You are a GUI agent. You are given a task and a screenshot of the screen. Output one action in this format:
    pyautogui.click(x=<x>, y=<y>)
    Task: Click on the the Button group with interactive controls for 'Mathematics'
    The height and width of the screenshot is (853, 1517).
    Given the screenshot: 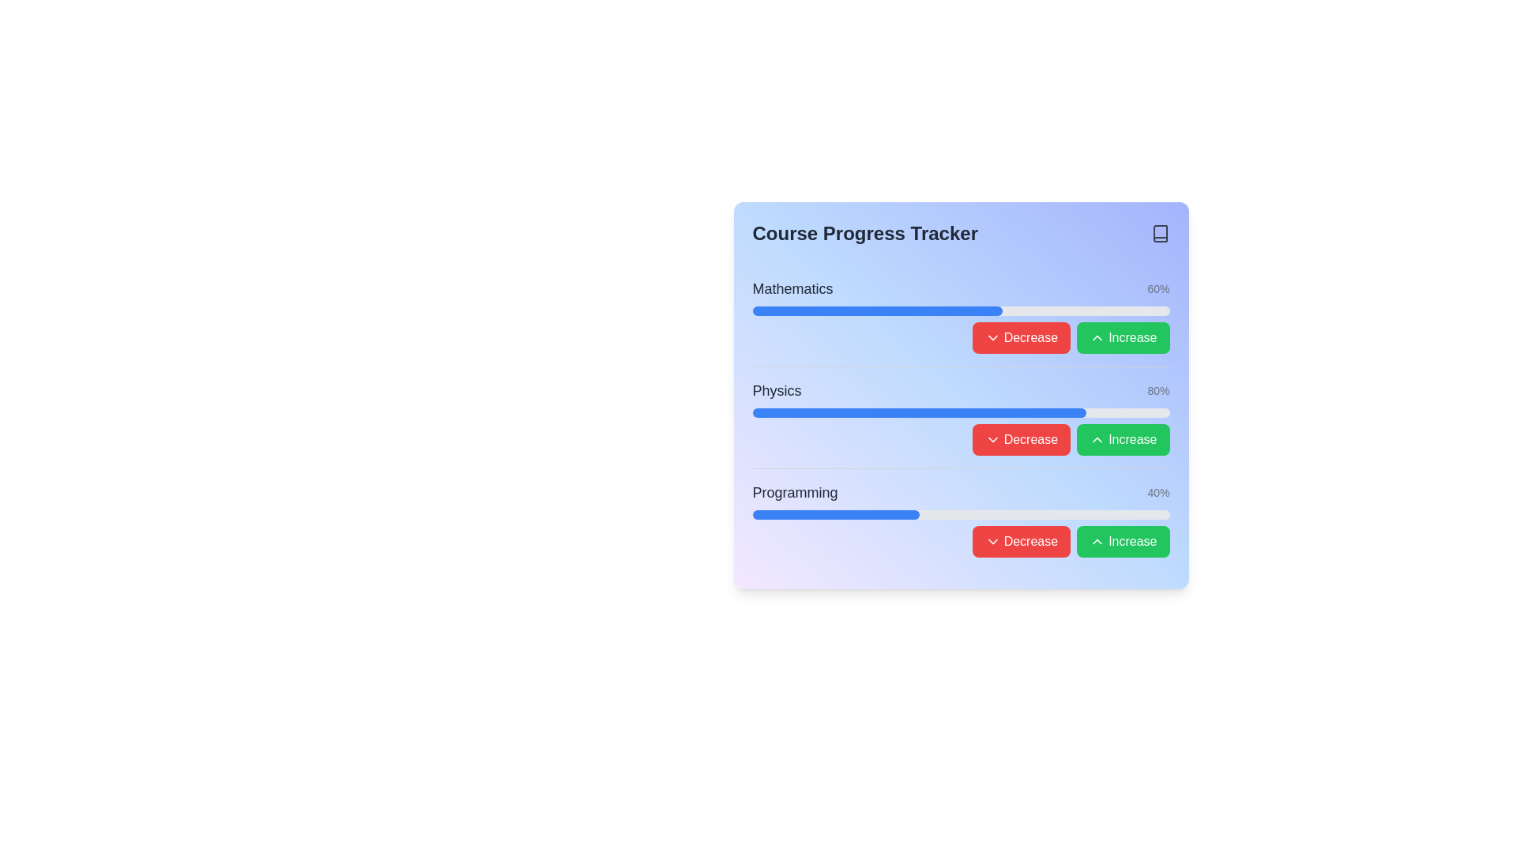 What is the action you would take?
    pyautogui.click(x=960, y=337)
    